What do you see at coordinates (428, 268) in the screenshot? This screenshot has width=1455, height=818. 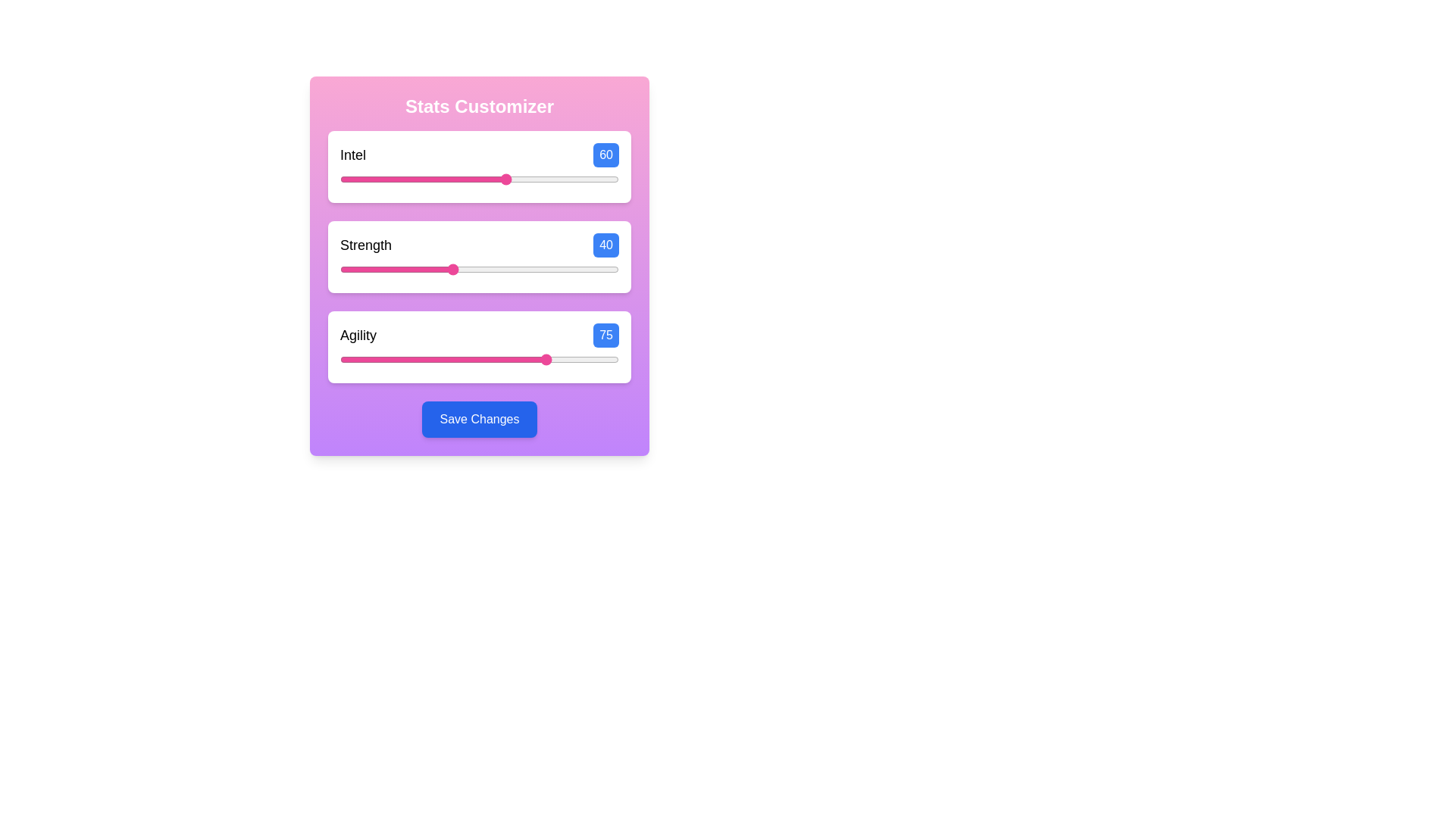 I see `the Strength slider` at bounding box center [428, 268].